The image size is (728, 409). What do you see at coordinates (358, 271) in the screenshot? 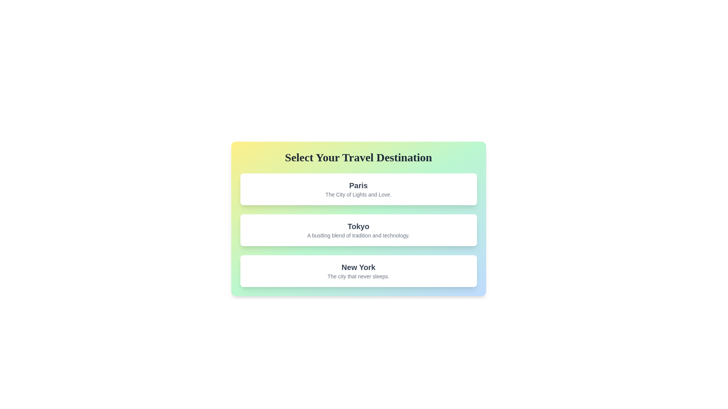
I see `descriptive text 'New York' and 'The city that never sleeps.' from the text content within the card component located at the center of the bottom card in a vertical list of three cards` at bounding box center [358, 271].